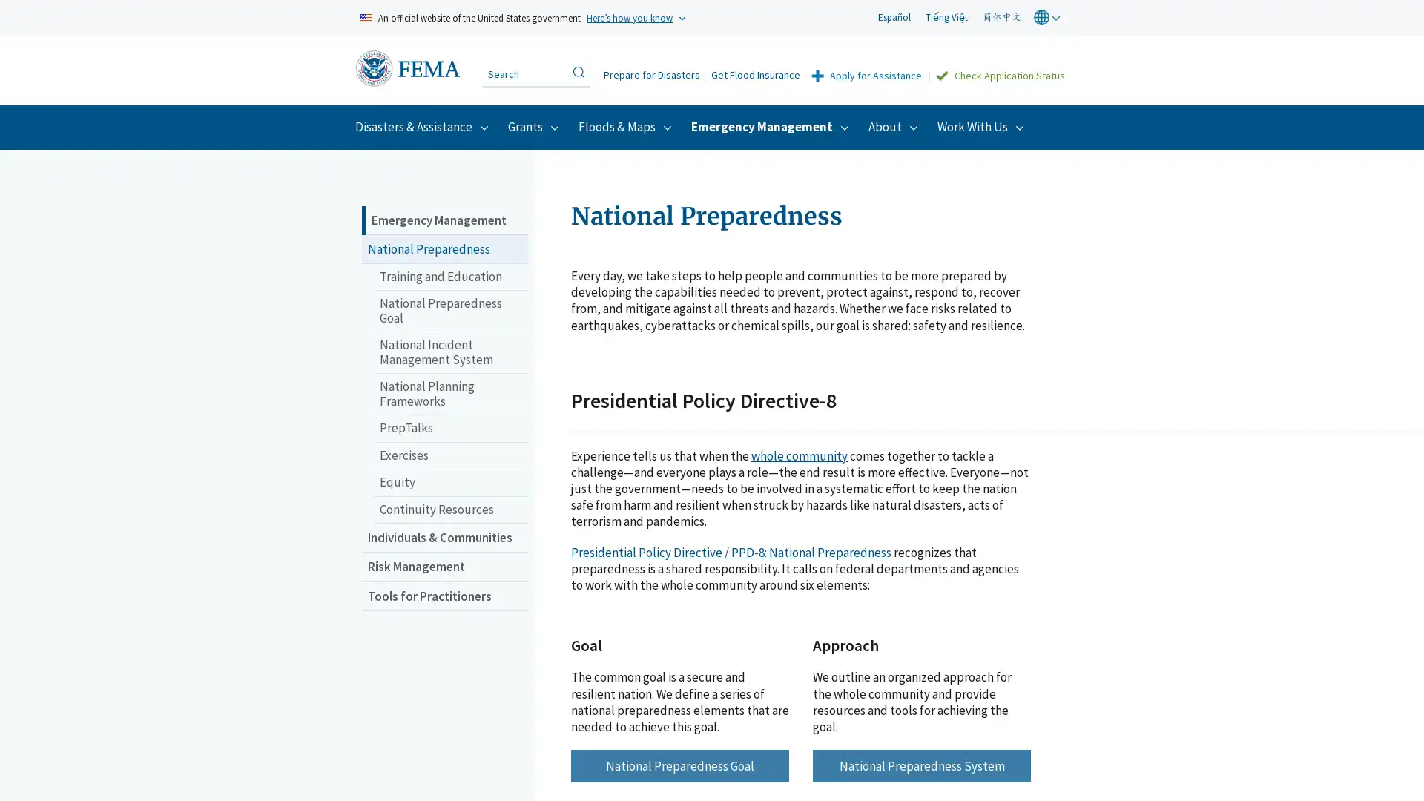  What do you see at coordinates (771, 125) in the screenshot?
I see `Emergency Management` at bounding box center [771, 125].